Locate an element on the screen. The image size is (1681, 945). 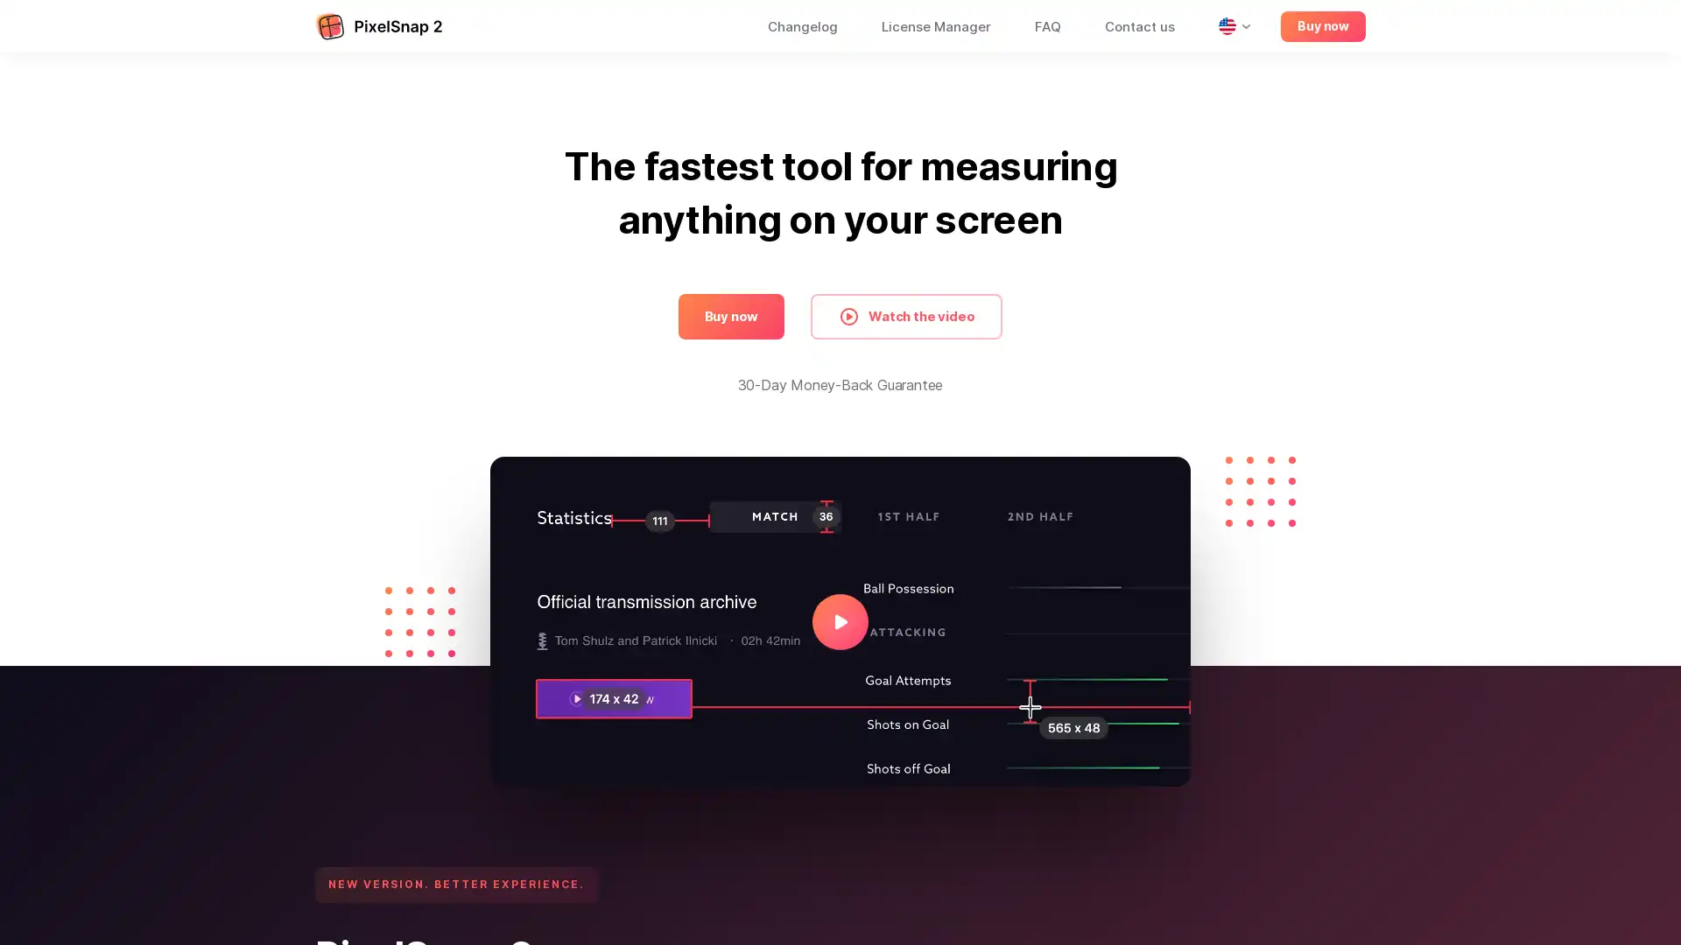
Watch the video is located at coordinates (906, 317).